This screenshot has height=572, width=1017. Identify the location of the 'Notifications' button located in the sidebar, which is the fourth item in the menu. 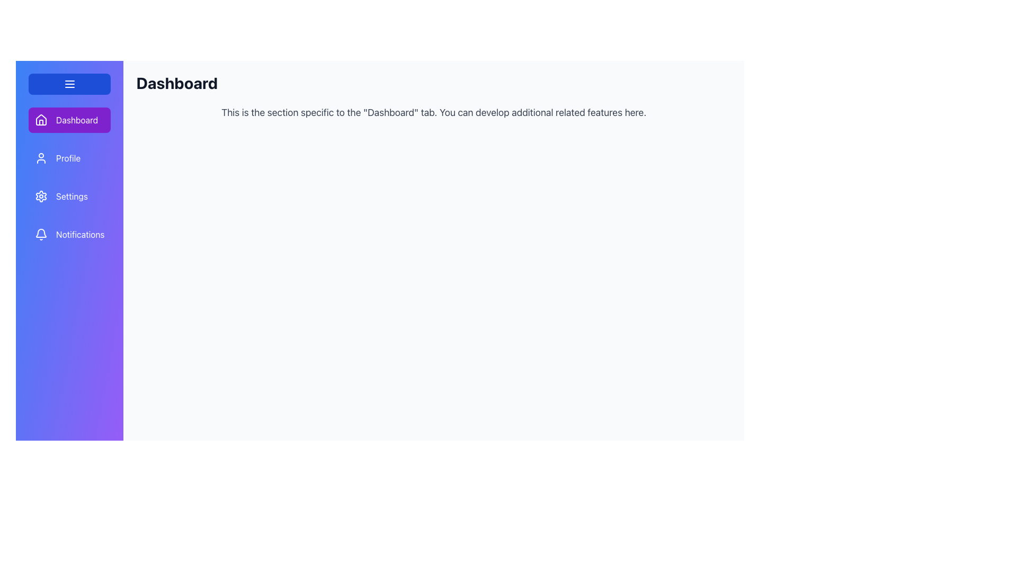
(69, 234).